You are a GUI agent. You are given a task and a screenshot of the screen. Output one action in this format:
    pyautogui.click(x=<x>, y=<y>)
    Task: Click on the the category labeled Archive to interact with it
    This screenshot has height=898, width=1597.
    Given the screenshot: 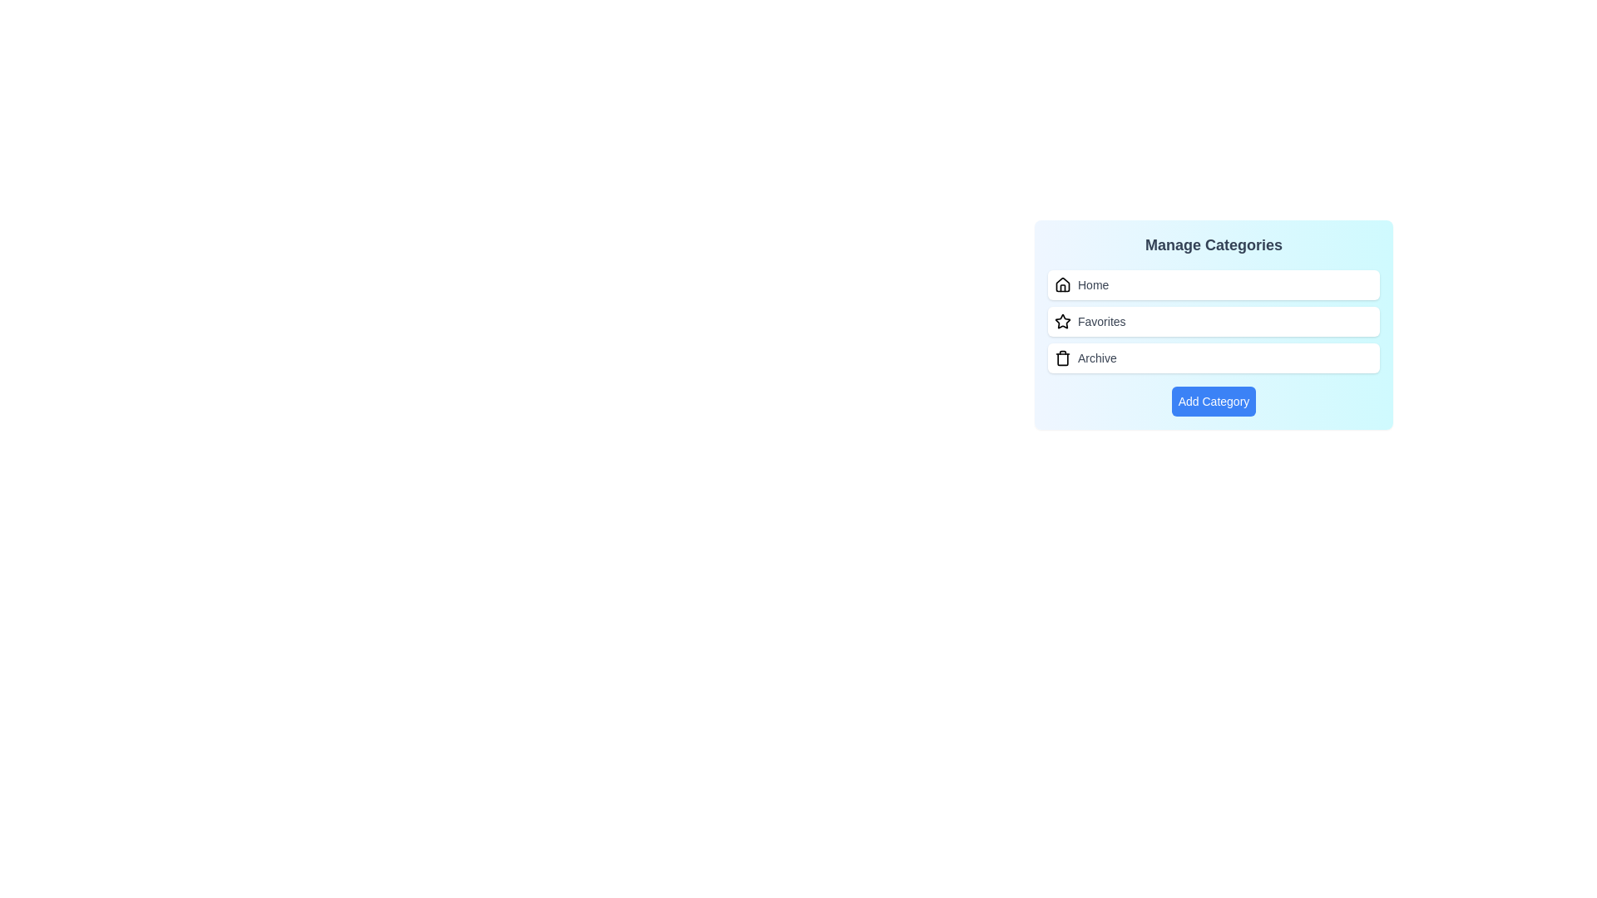 What is the action you would take?
    pyautogui.click(x=1214, y=358)
    